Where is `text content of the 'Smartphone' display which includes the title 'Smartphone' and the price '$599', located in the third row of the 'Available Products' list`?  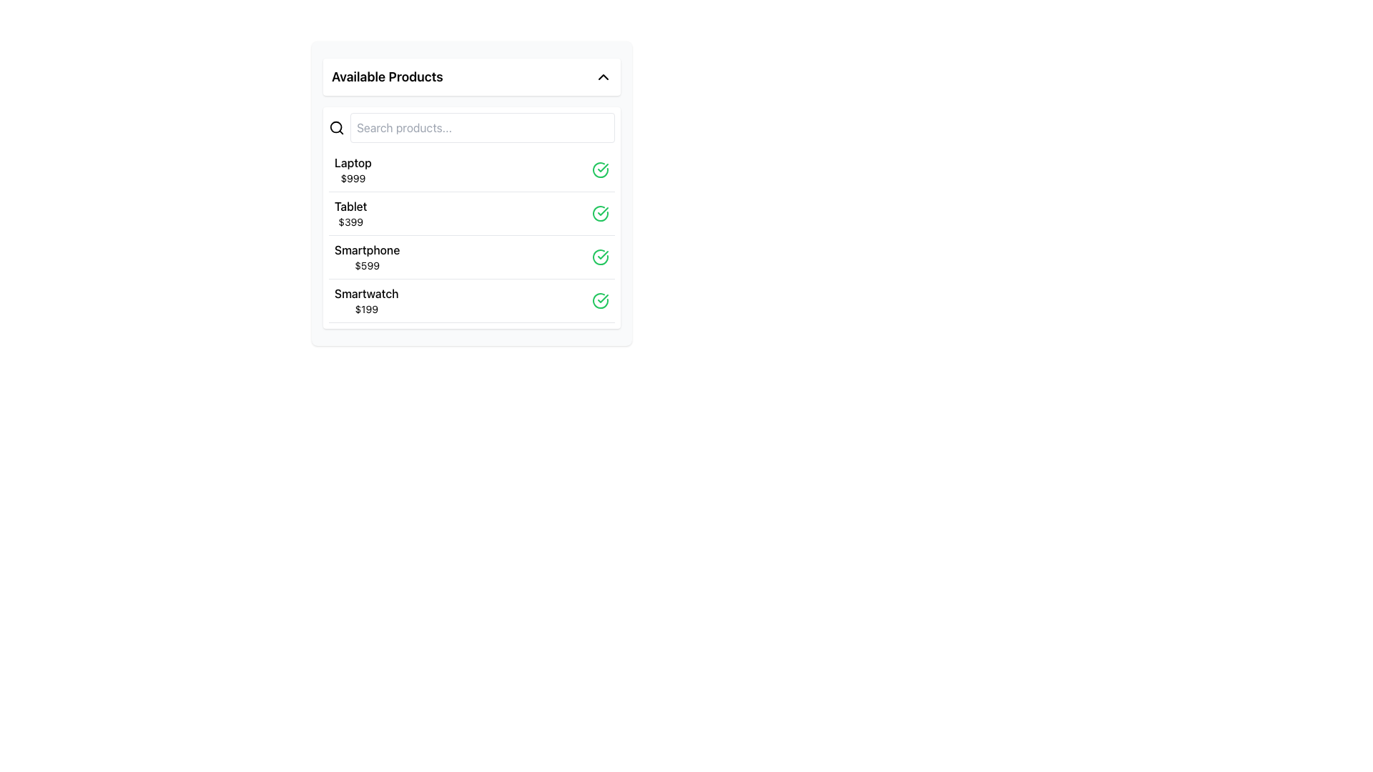 text content of the 'Smartphone' display which includes the title 'Smartphone' and the price '$599', located in the third row of the 'Available Products' list is located at coordinates (367, 256).